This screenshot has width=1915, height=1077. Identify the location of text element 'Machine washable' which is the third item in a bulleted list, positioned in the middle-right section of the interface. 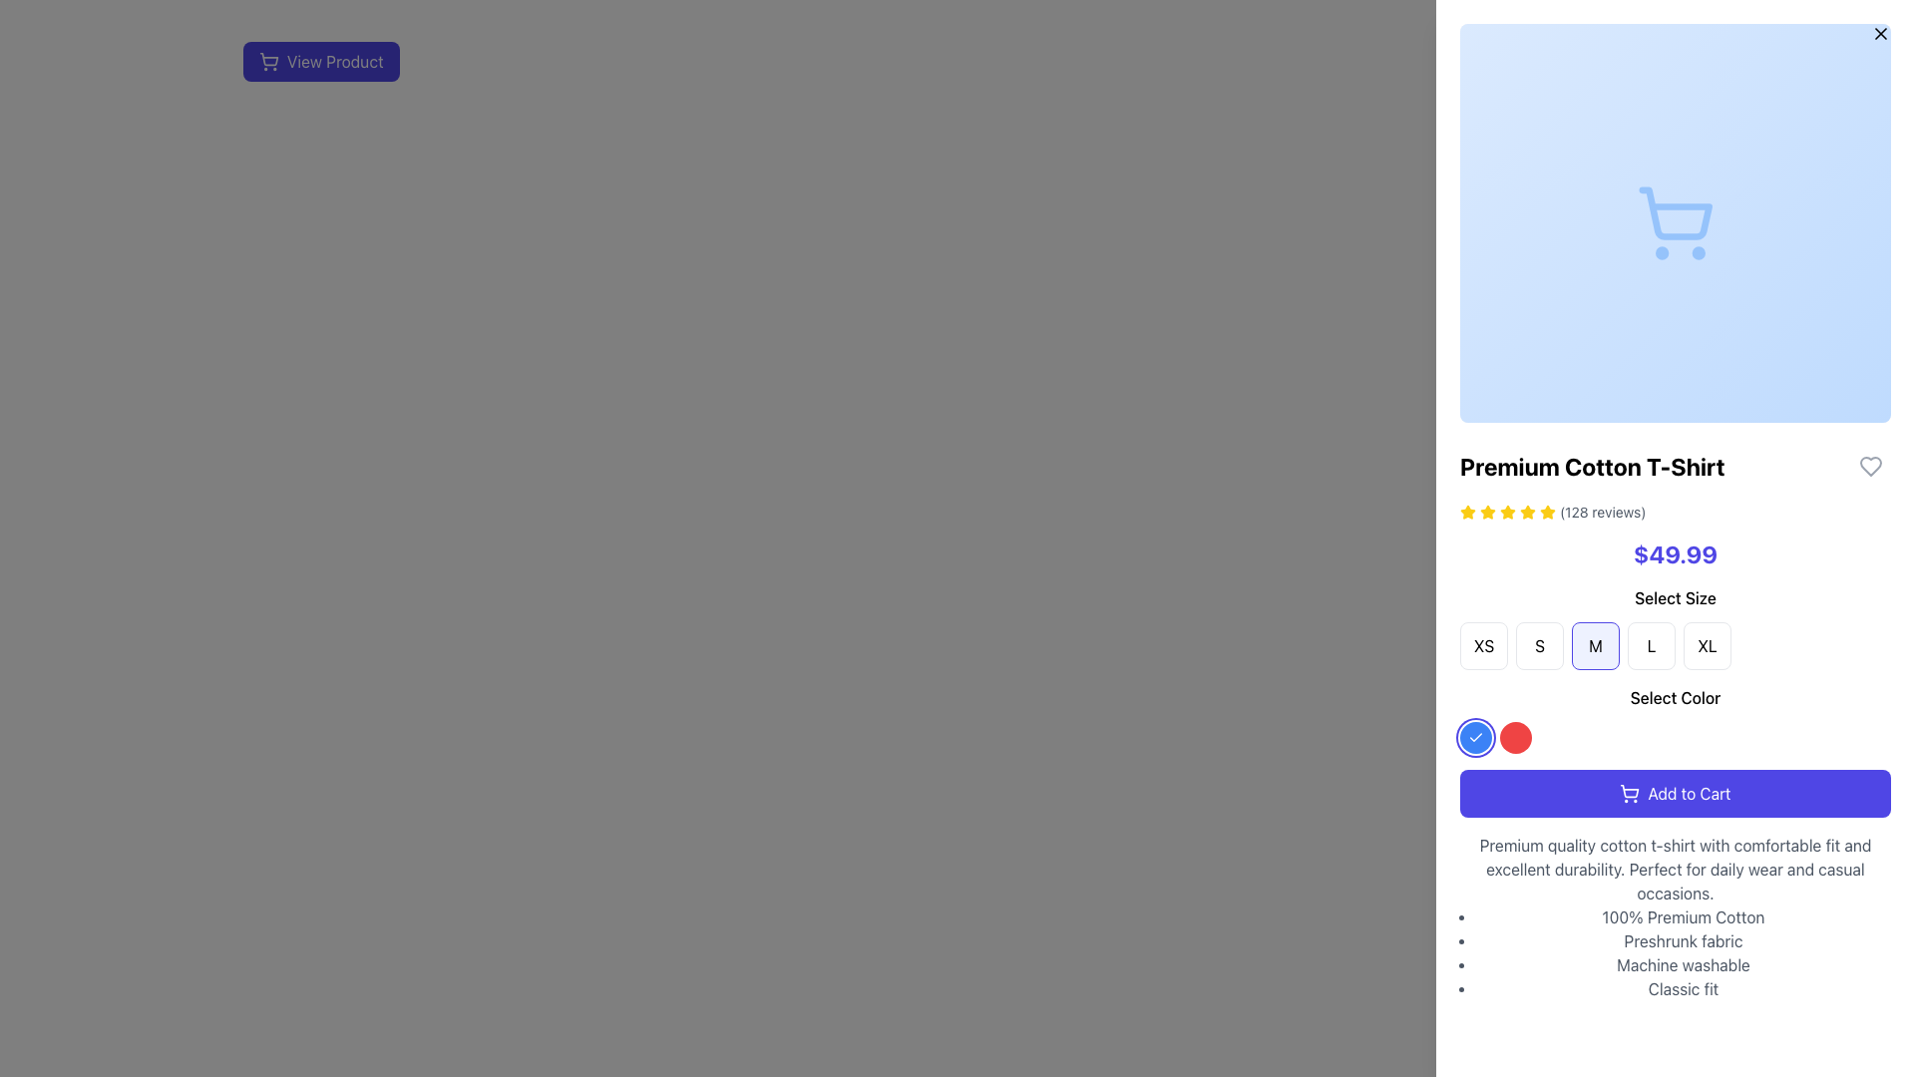
(1683, 964).